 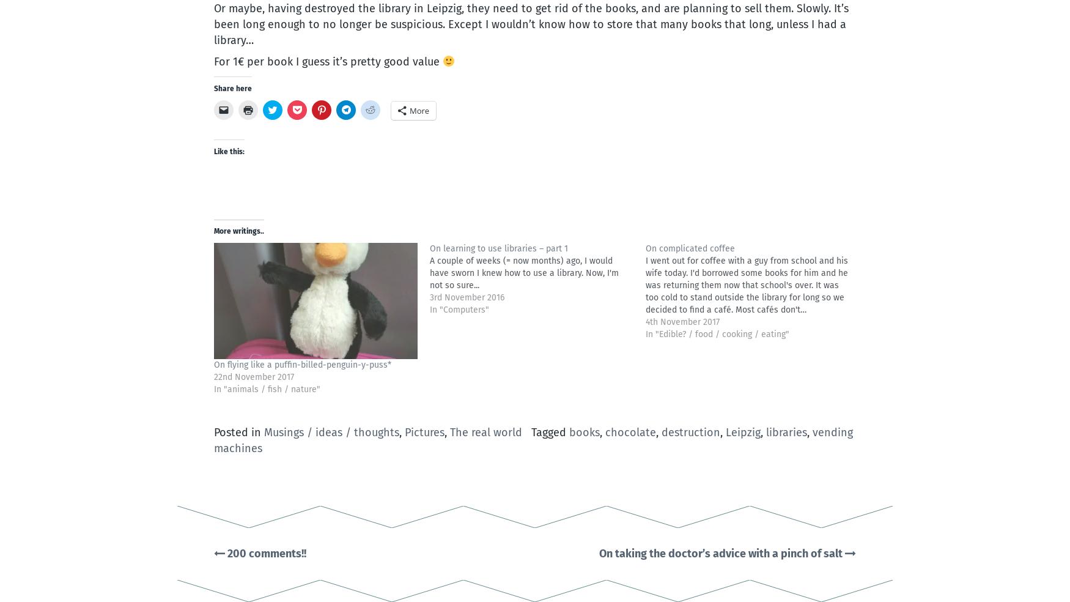 What do you see at coordinates (690, 433) in the screenshot?
I see `'destruction'` at bounding box center [690, 433].